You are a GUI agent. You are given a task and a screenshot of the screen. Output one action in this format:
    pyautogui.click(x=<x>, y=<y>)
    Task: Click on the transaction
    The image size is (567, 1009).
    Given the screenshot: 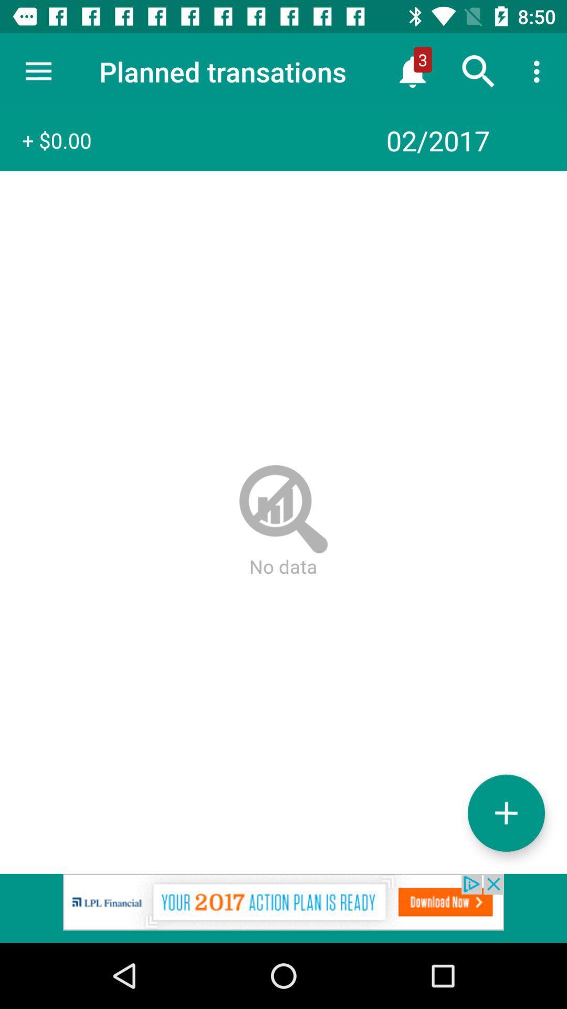 What is the action you would take?
    pyautogui.click(x=506, y=812)
    